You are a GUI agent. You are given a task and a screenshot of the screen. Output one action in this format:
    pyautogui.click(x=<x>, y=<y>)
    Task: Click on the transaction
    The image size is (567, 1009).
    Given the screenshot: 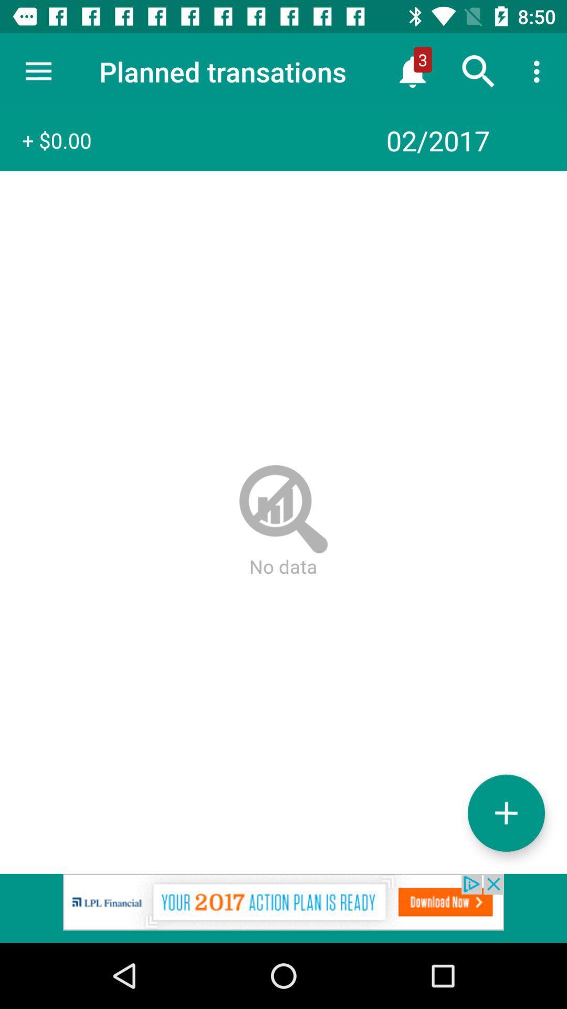 What is the action you would take?
    pyautogui.click(x=506, y=812)
    